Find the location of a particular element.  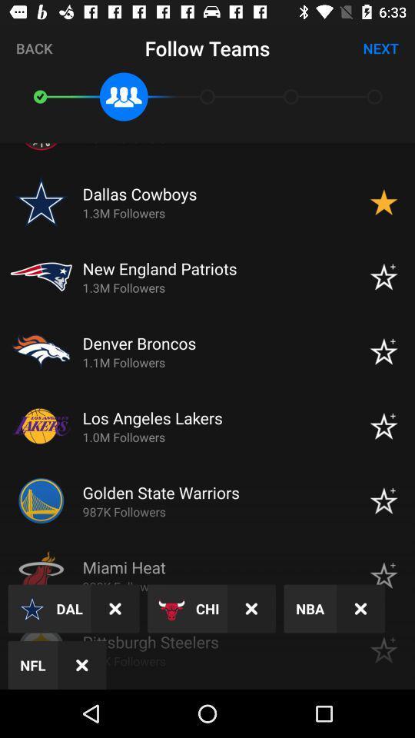

the close icon is located at coordinates (81, 664).